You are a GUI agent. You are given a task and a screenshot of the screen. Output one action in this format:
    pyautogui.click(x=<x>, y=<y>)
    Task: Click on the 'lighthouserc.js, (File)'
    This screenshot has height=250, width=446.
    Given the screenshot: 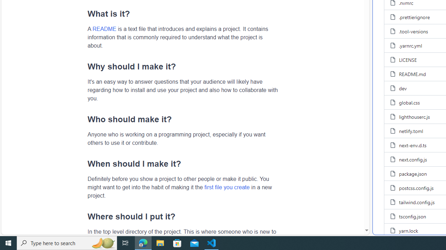 What is the action you would take?
    pyautogui.click(x=414, y=116)
    